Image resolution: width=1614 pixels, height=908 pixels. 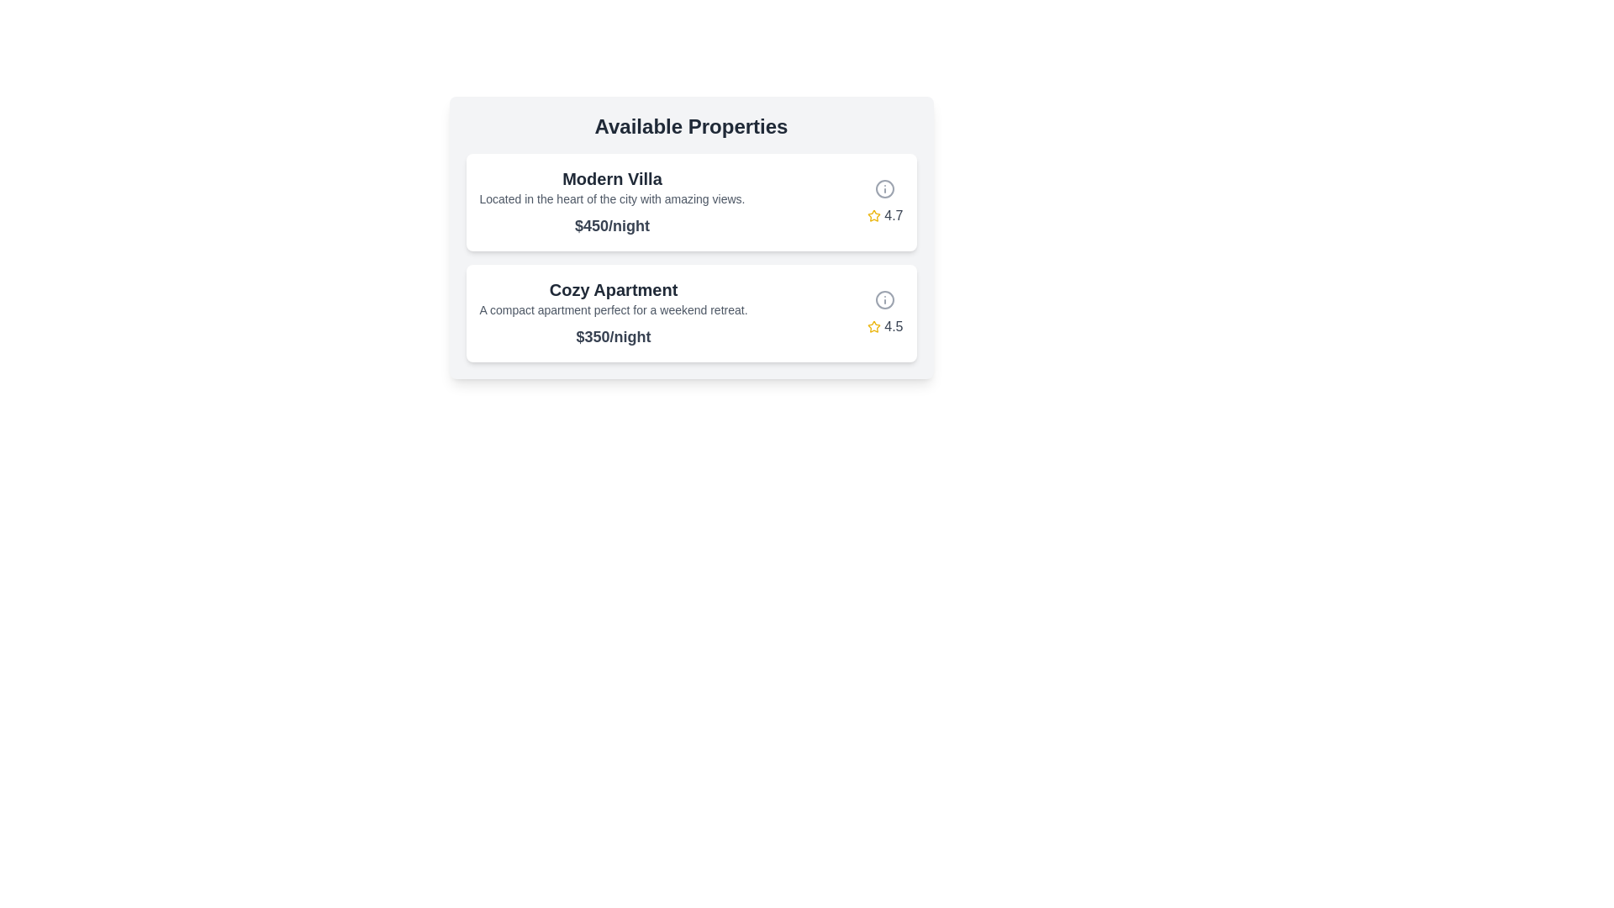 What do you see at coordinates (874, 215) in the screenshot?
I see `the yellow star icon representing the rating system, located to the left of the numerical rating '4.7' in the 'Modern Villa' listing` at bounding box center [874, 215].